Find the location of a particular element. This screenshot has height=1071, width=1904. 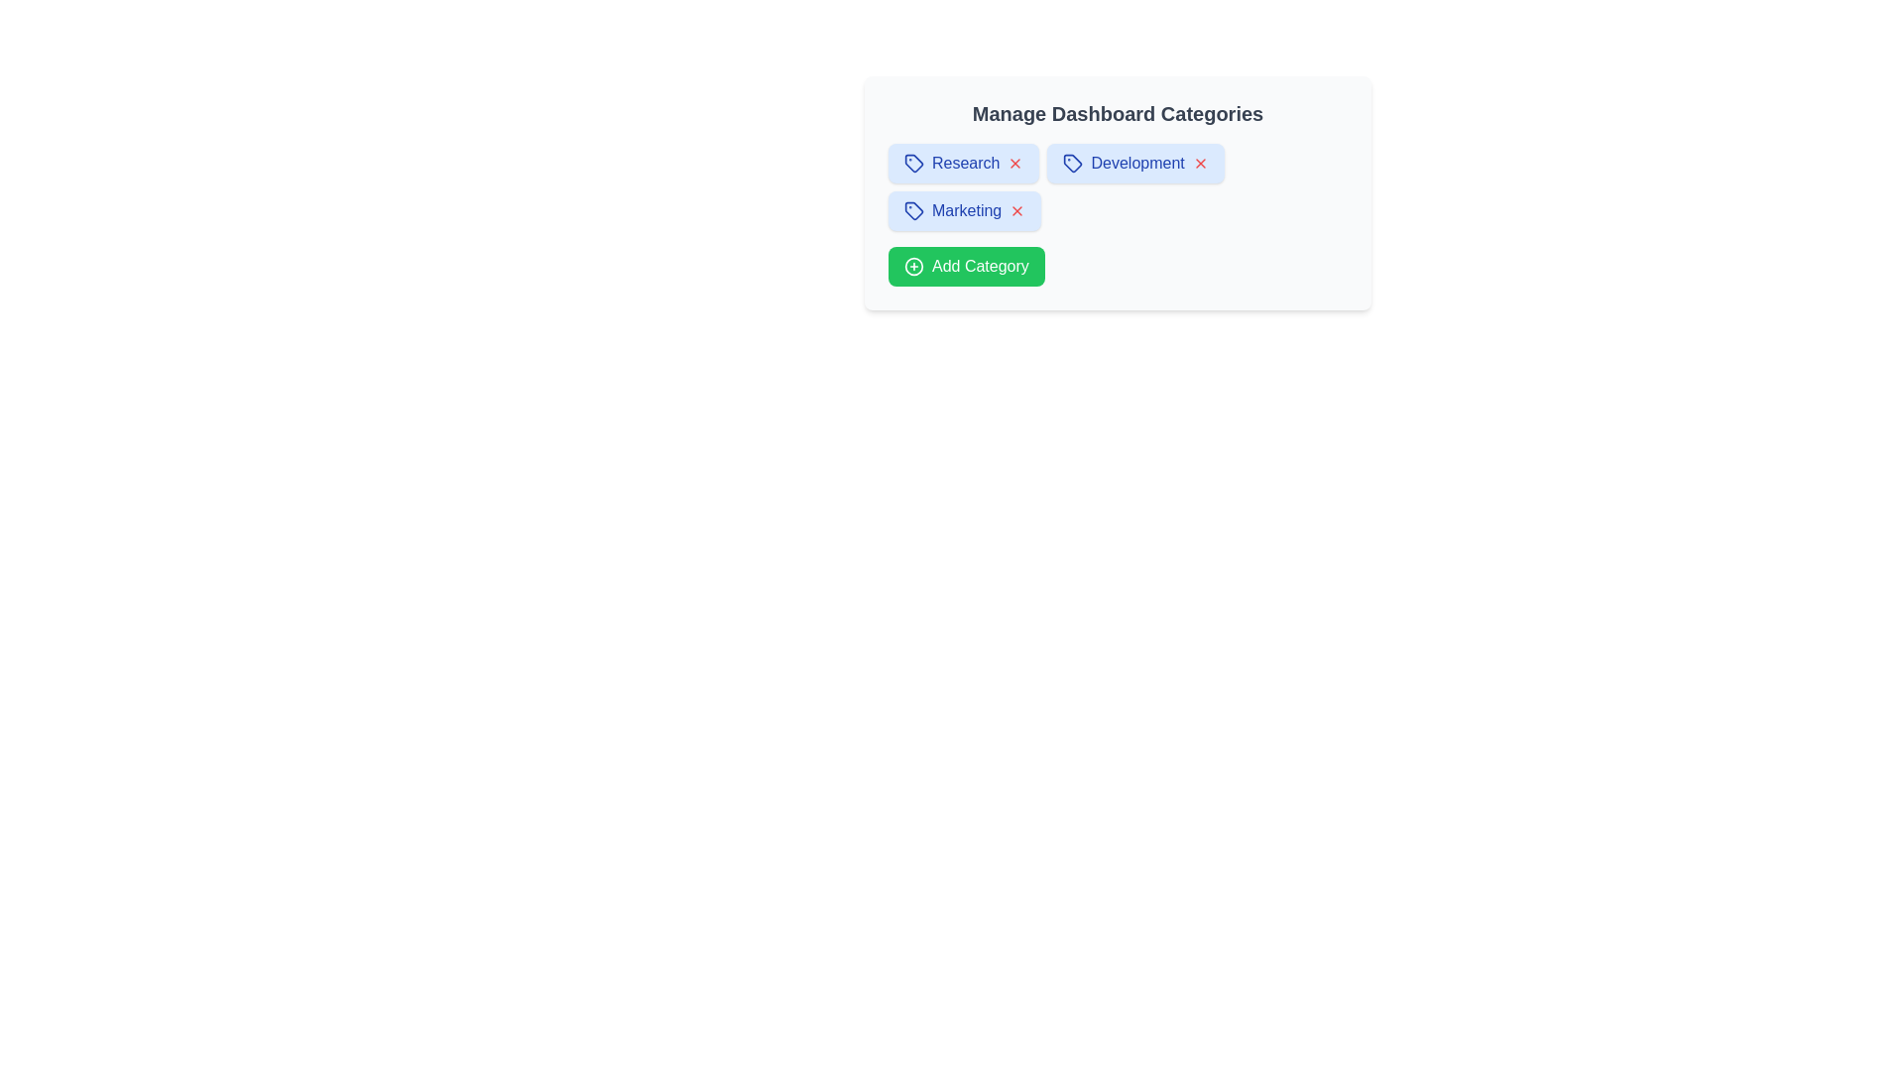

'Add Category' button to initiate adding a new category is located at coordinates (966, 266).